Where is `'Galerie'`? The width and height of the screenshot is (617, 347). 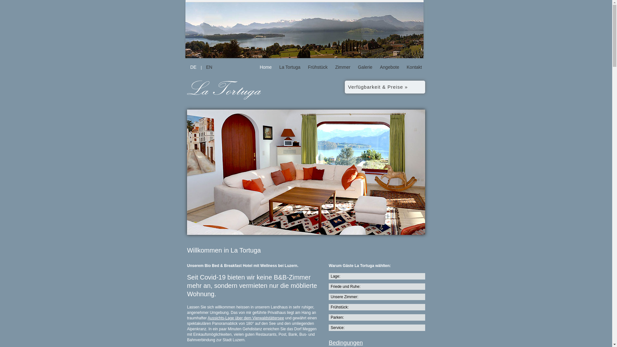 'Galerie' is located at coordinates (365, 67).